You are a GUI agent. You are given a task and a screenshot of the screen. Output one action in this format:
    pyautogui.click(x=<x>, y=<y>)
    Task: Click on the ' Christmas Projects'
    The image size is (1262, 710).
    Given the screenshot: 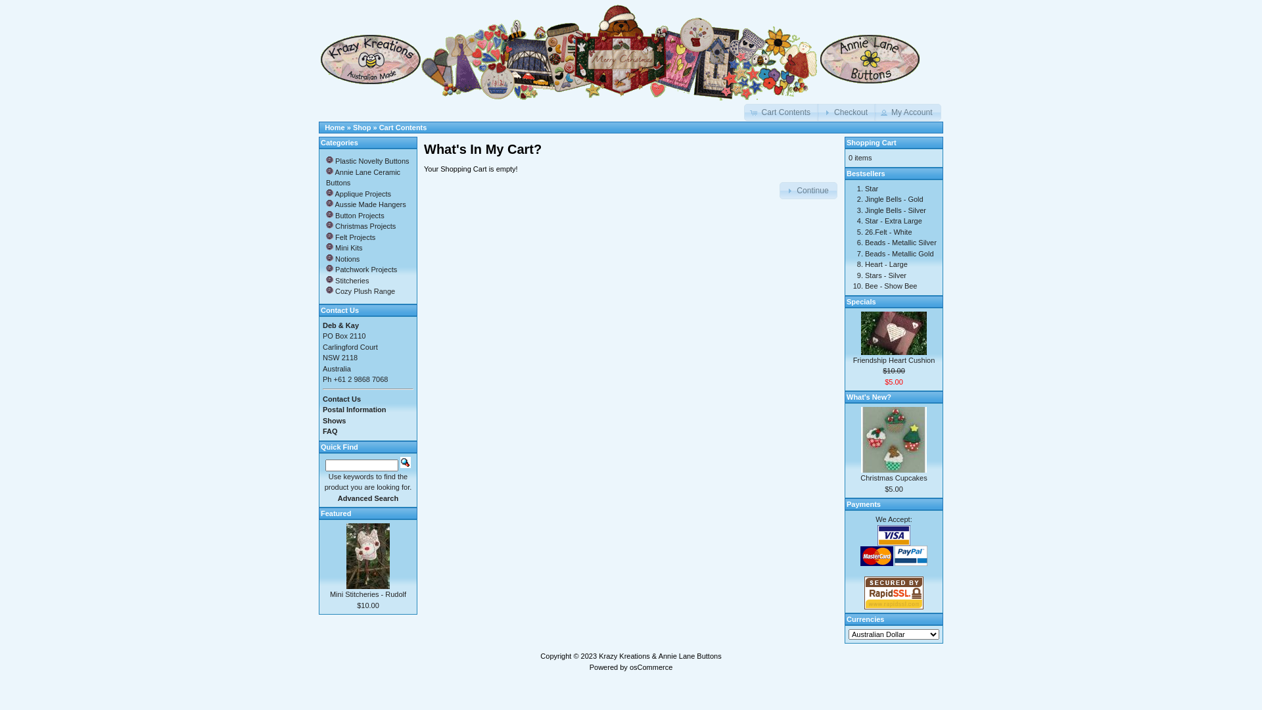 What is the action you would take?
    pyautogui.click(x=360, y=225)
    